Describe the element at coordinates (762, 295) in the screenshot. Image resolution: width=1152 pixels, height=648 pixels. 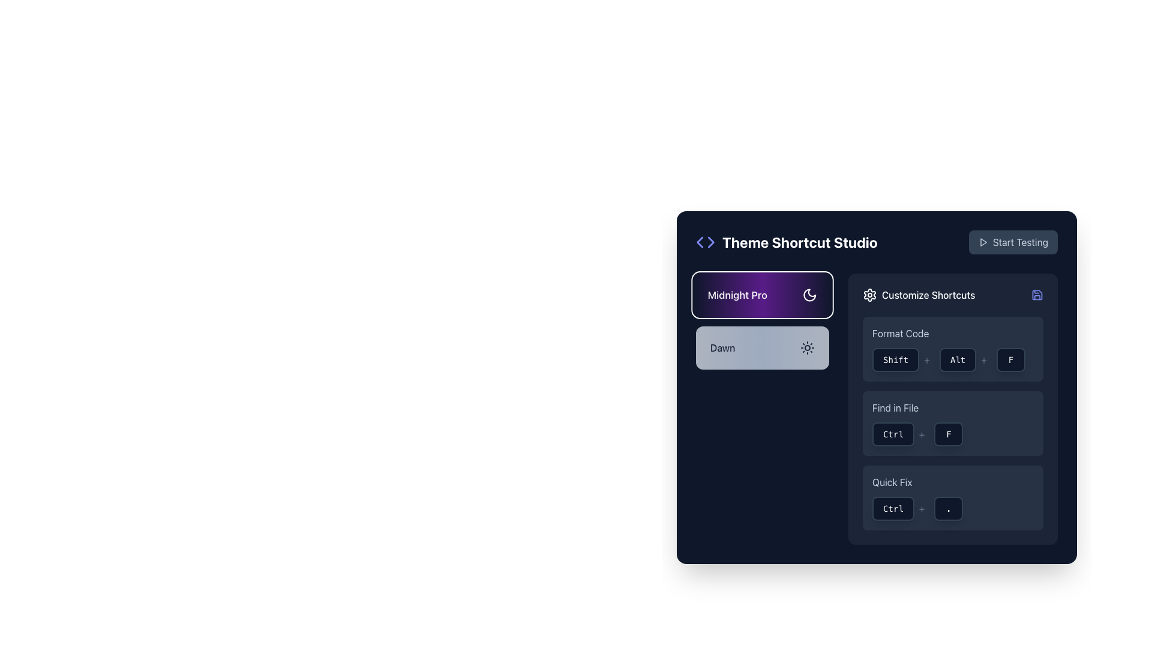
I see `the informational label displaying the currently selected theme title, located on the left section of a highlighted card` at that location.